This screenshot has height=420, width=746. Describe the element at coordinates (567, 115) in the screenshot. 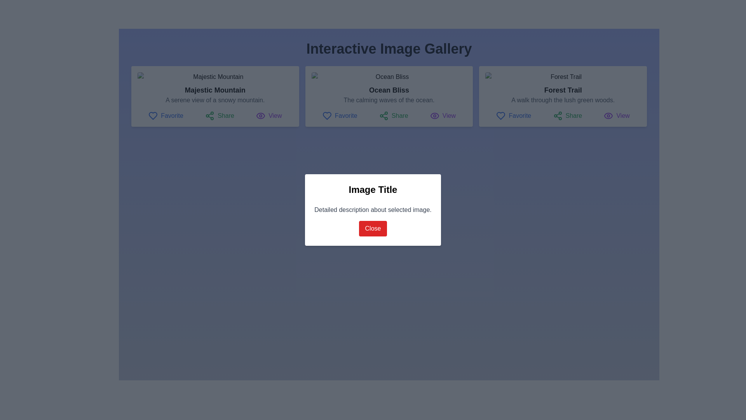

I see `the 'Share' button, which features a green sharing icon and the text 'Share', located under the header 'Forest Trail'` at that location.